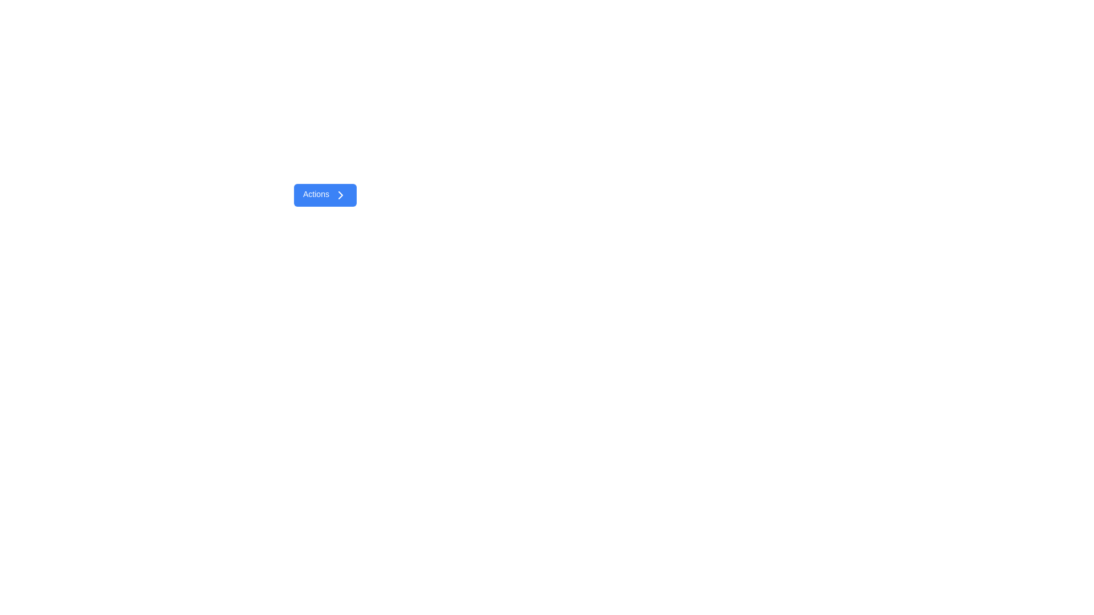  What do you see at coordinates (325, 195) in the screenshot?
I see `the blue button labeled 'Actions' with a right arrow icon` at bounding box center [325, 195].